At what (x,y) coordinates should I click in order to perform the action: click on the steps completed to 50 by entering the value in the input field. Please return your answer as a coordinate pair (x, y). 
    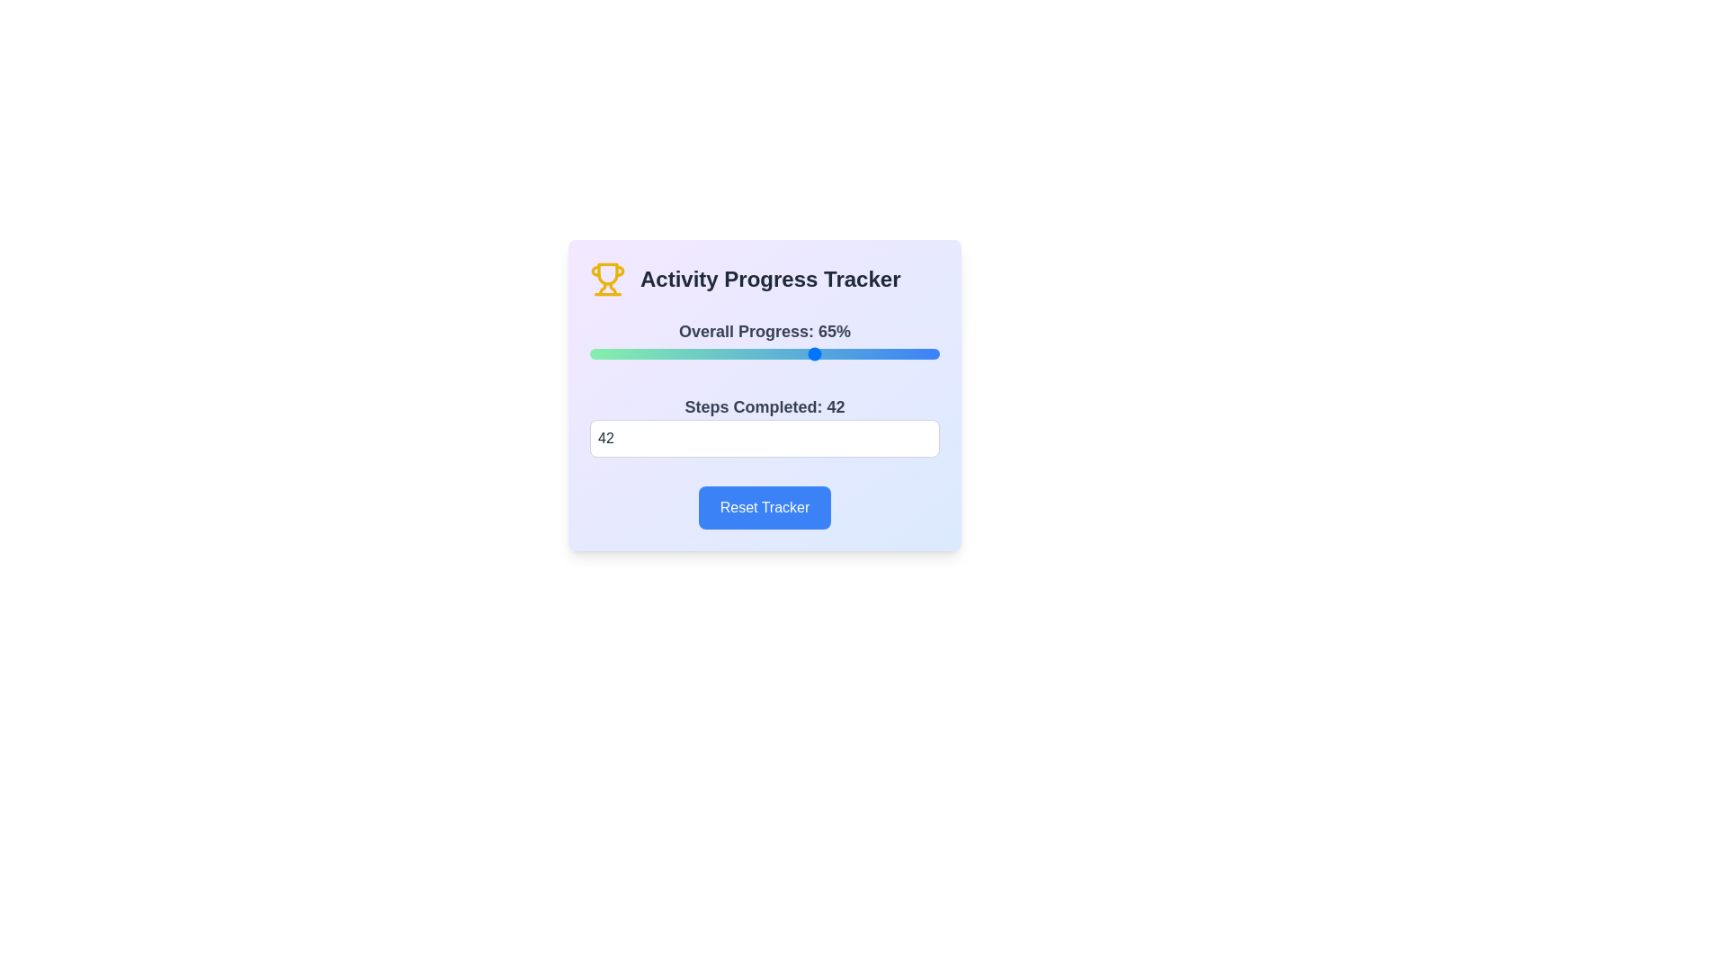
    Looking at the image, I should click on (765, 439).